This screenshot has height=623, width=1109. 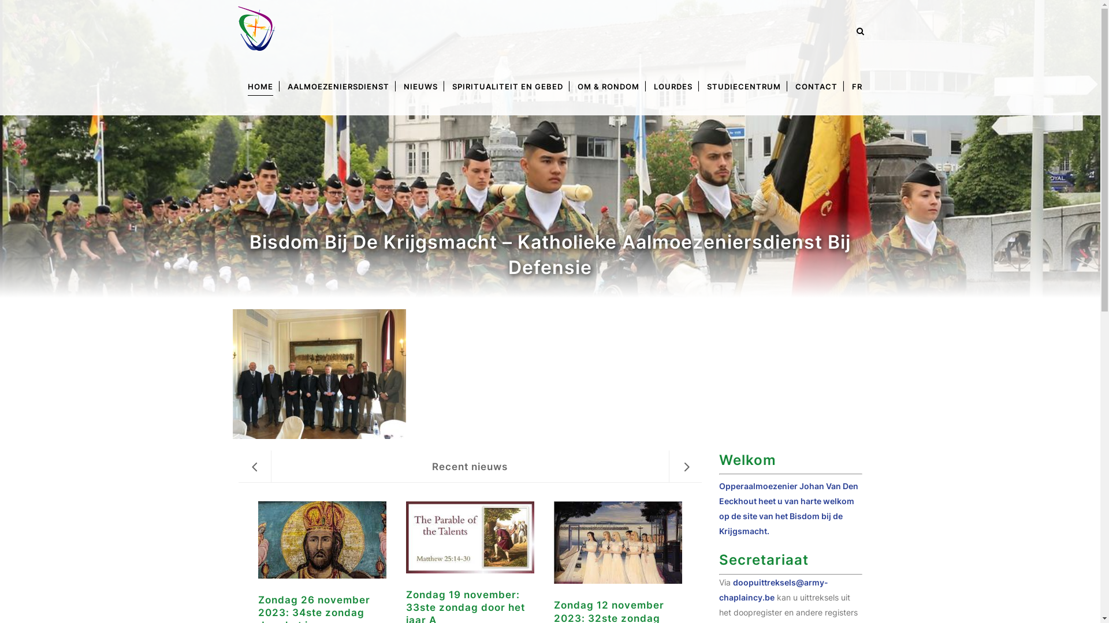 What do you see at coordinates (857, 86) in the screenshot?
I see `'FR'` at bounding box center [857, 86].